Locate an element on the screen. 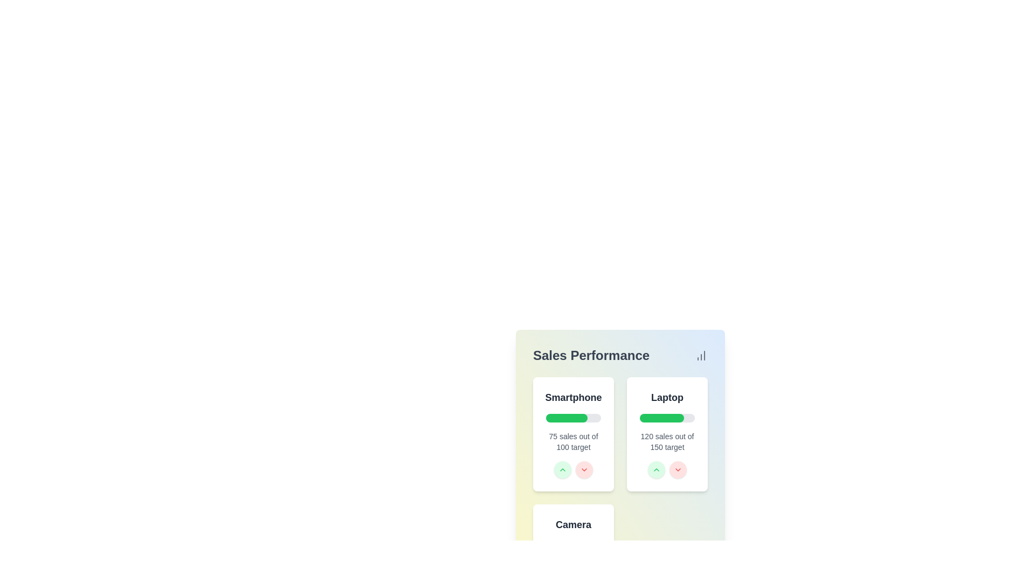  the progress bar indicating the smartphone sales progress within the Sales Performance section of the dashboard is located at coordinates (566, 417).